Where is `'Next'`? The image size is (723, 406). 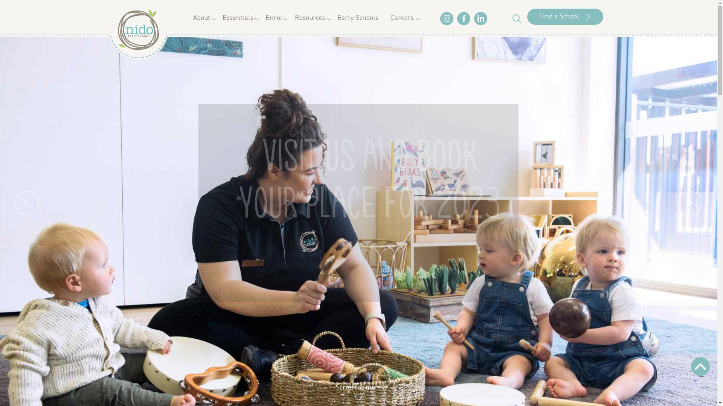 'Next' is located at coordinates (690, 203).